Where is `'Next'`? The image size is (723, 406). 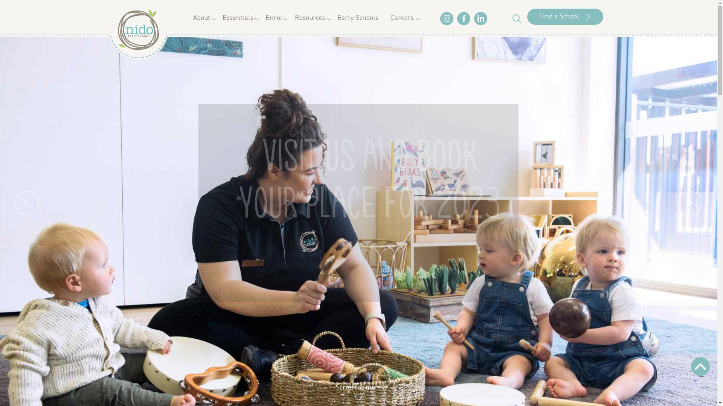 'Next' is located at coordinates (690, 203).